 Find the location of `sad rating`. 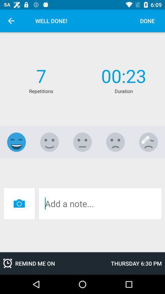

sad rating is located at coordinates (116, 142).